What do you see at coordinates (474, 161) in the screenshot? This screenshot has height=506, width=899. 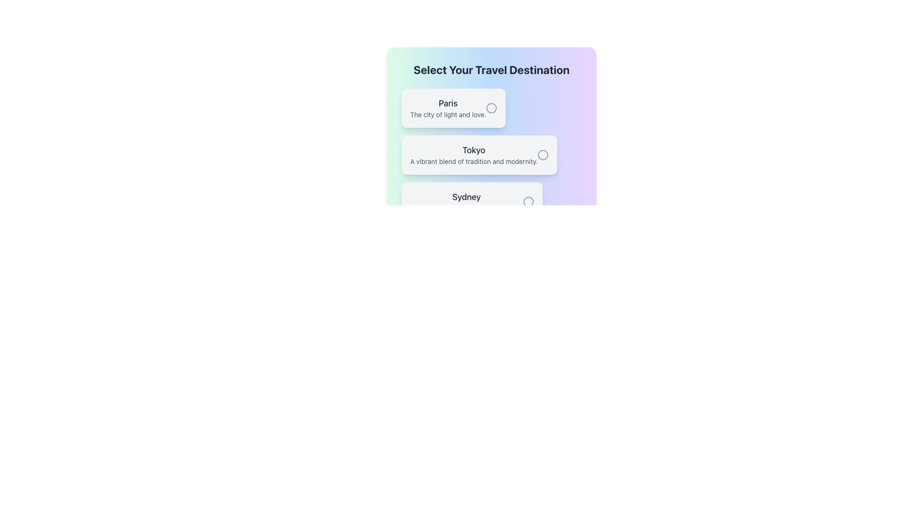 I see `the static text that provides additional information about the 'Tokyo' travel destination, located beneath the heading 'Tokyo' and above the associated radio button` at bounding box center [474, 161].